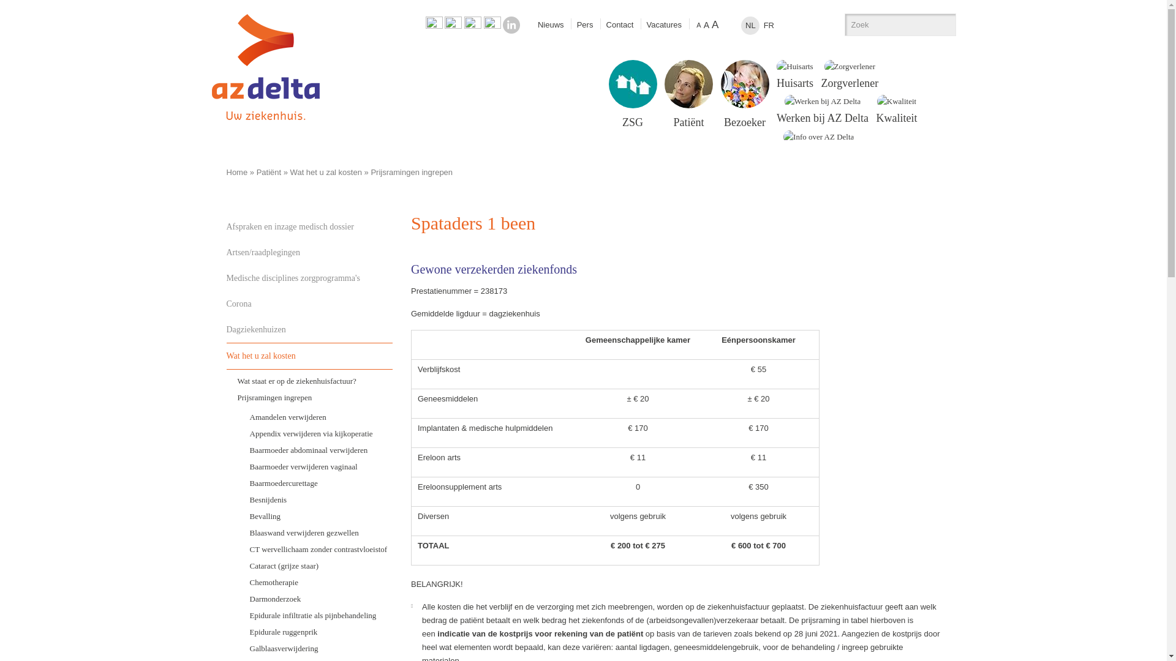 The width and height of the screenshot is (1176, 661). I want to click on 'FR', so click(767, 26).